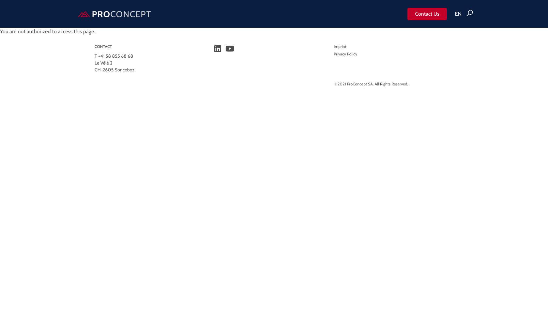 This screenshot has height=326, width=548. Describe the element at coordinates (114, 56) in the screenshot. I see `'T +41 58 855 68 68'` at that location.